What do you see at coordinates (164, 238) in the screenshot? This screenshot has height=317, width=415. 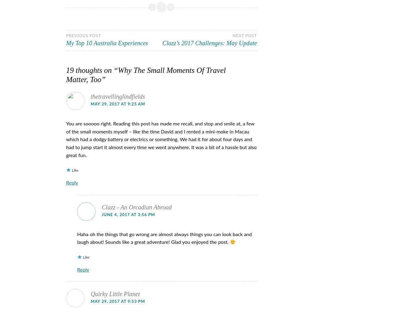 I see `'Haha oh the things that go wrong are almost always things you can look back and laugh about! Sounds like a great adventure! Glad you enjoyed the post.'` at bounding box center [164, 238].